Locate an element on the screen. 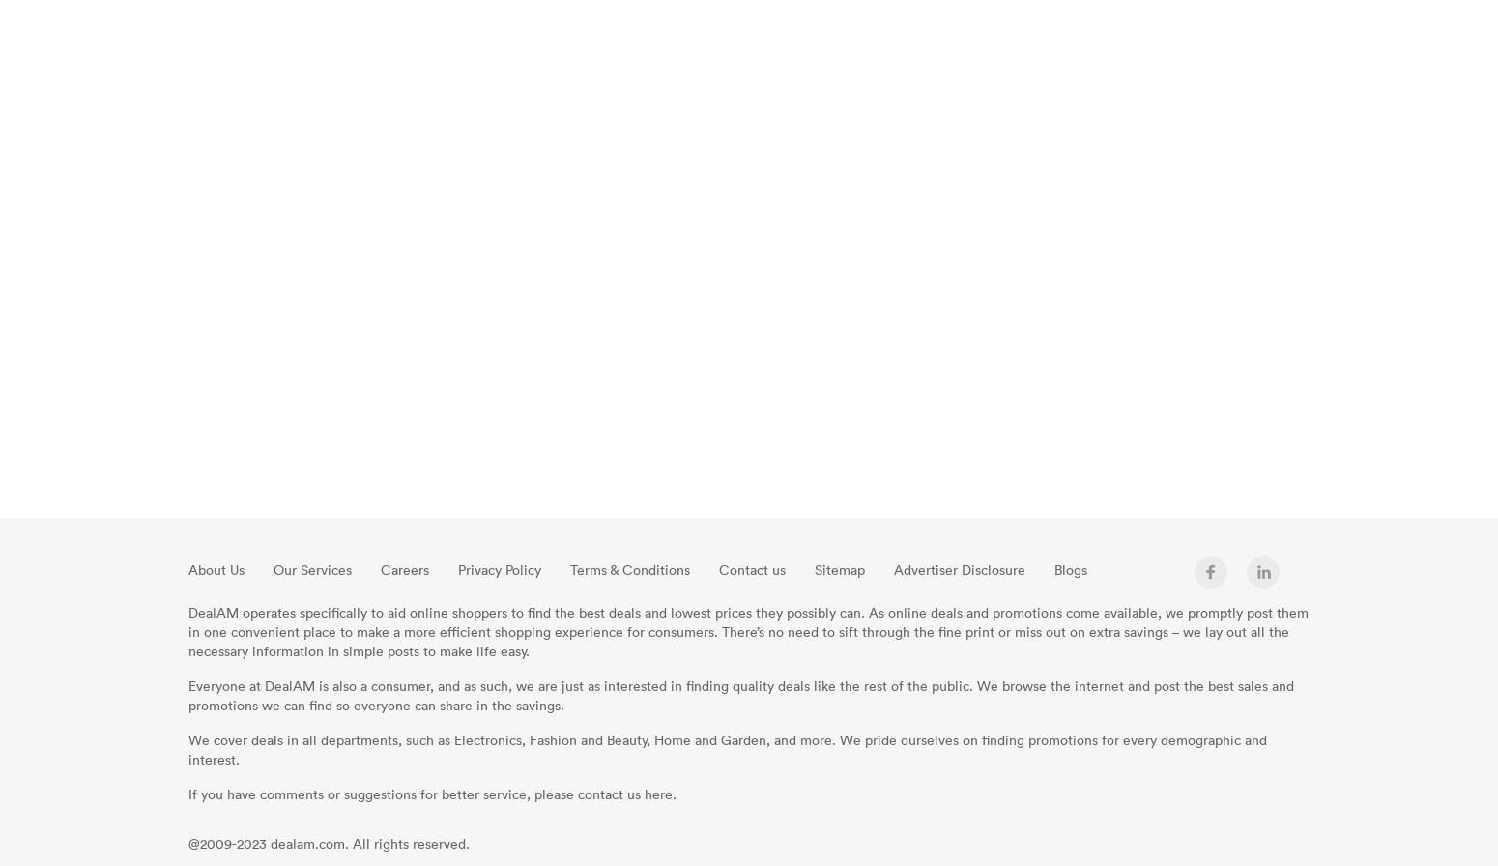 Image resolution: width=1498 pixels, height=866 pixels. 'Our Services' is located at coordinates (311, 569).